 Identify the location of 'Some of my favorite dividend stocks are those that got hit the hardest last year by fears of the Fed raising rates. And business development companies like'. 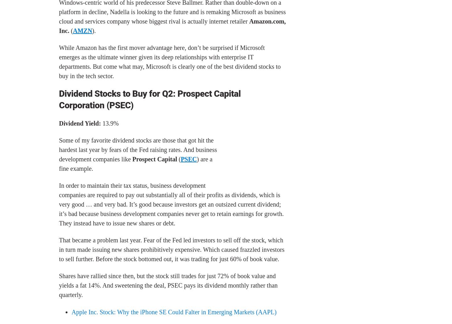
(138, 149).